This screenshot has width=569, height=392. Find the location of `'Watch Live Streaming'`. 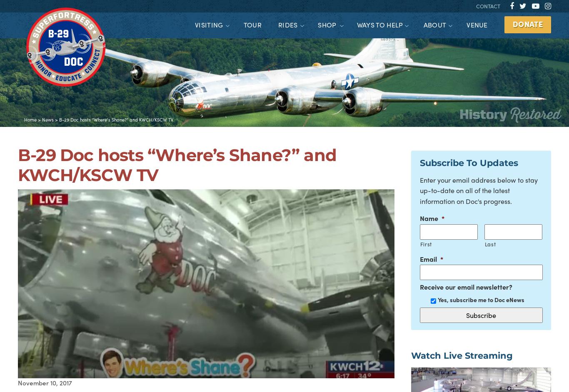

'Watch Live Streaming' is located at coordinates (462, 355).